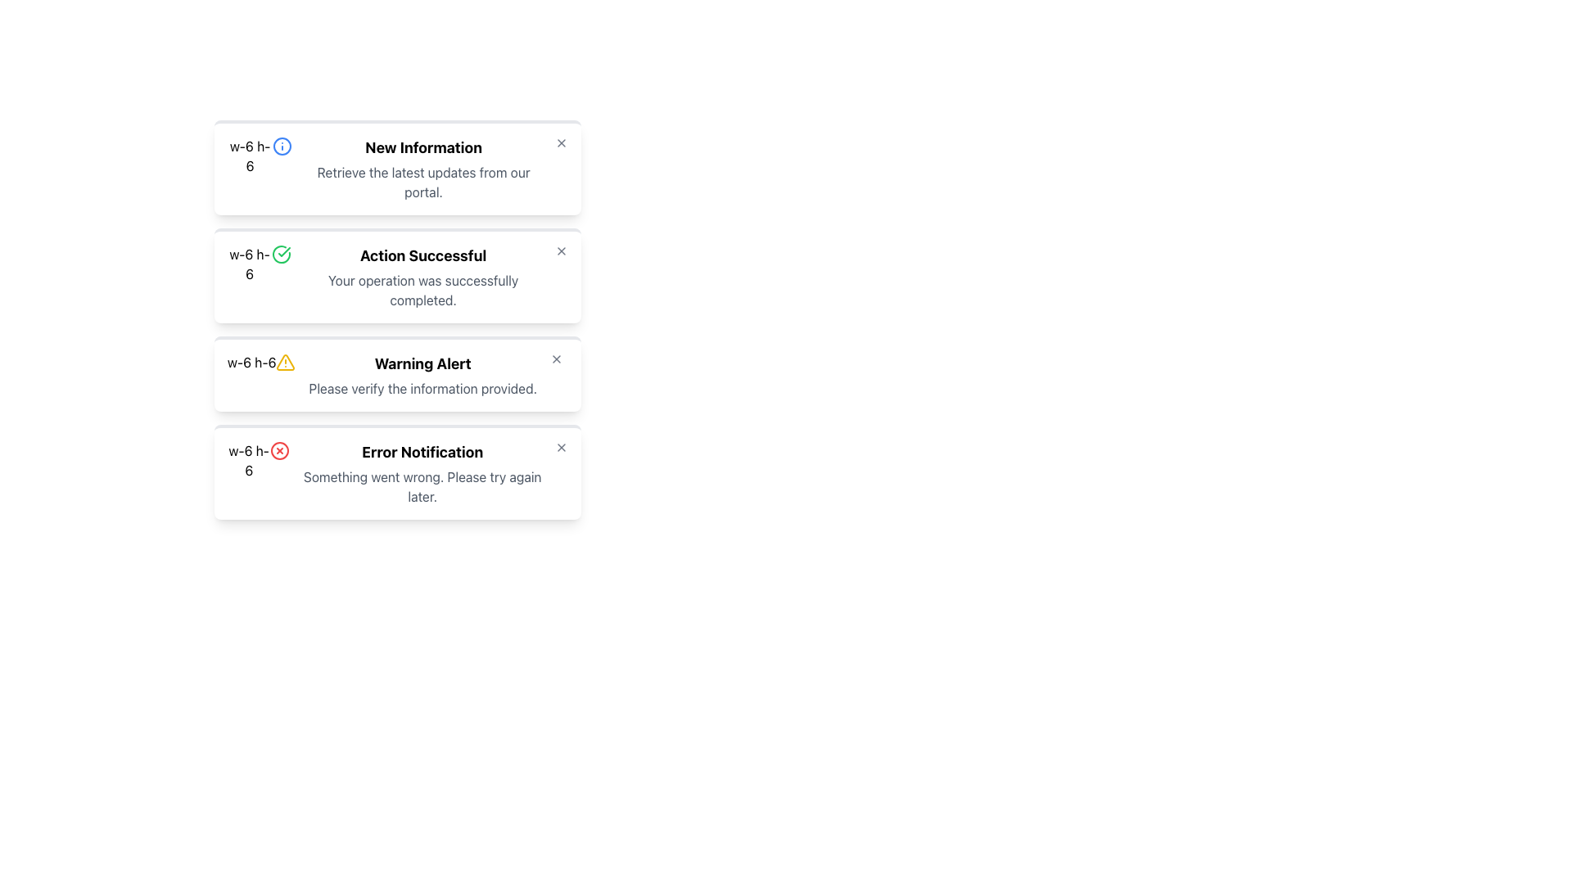 The image size is (1572, 884). Describe the element at coordinates (562, 448) in the screenshot. I see `the light gray dismissal button with an 'X' icon in the 'Error Notification' panel to change its color to darker gray` at that location.